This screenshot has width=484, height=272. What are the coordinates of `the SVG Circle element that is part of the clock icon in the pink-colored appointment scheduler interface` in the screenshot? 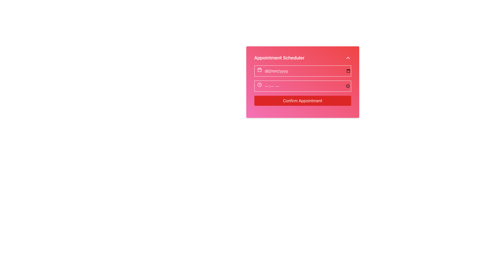 It's located at (259, 84).